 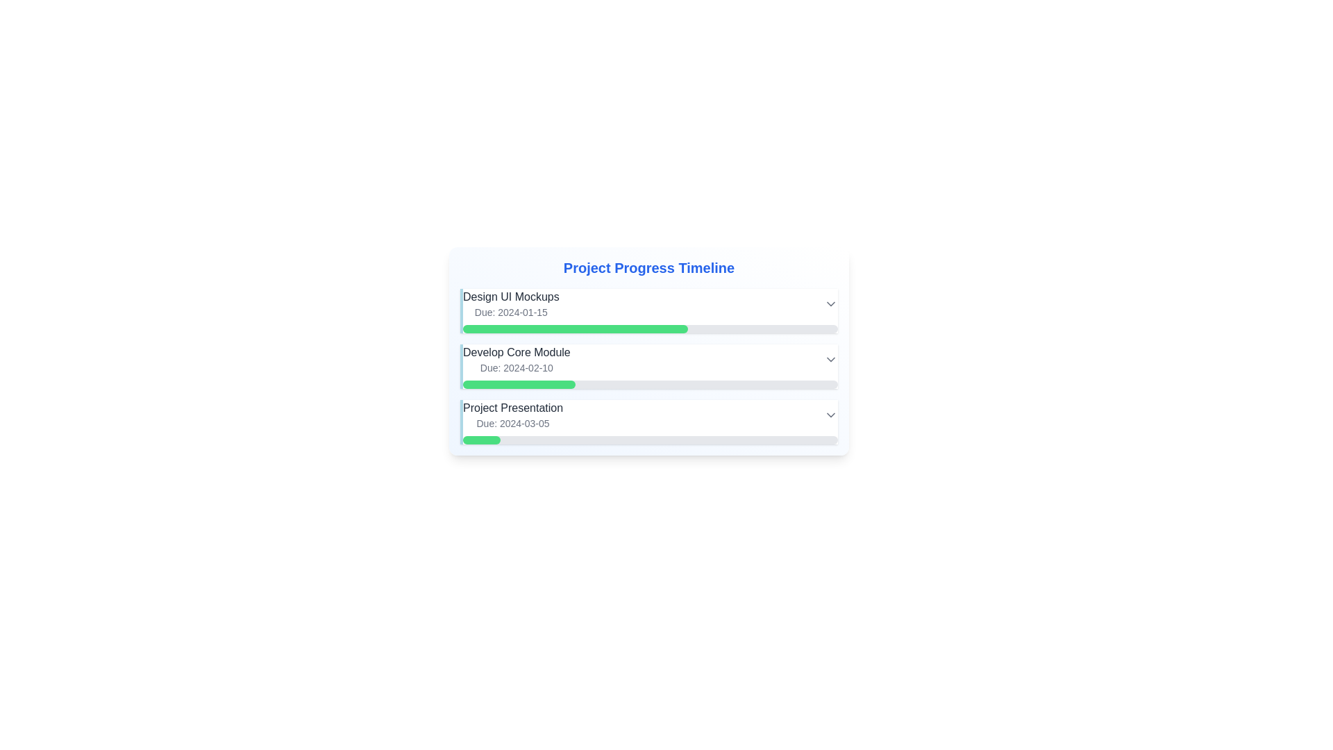 I want to click on the current progress indicated by the filled section of the Progress bar located below the 'Due: 2024-02-10' text within the 'Develop Core Module' task card, so click(x=649, y=385).